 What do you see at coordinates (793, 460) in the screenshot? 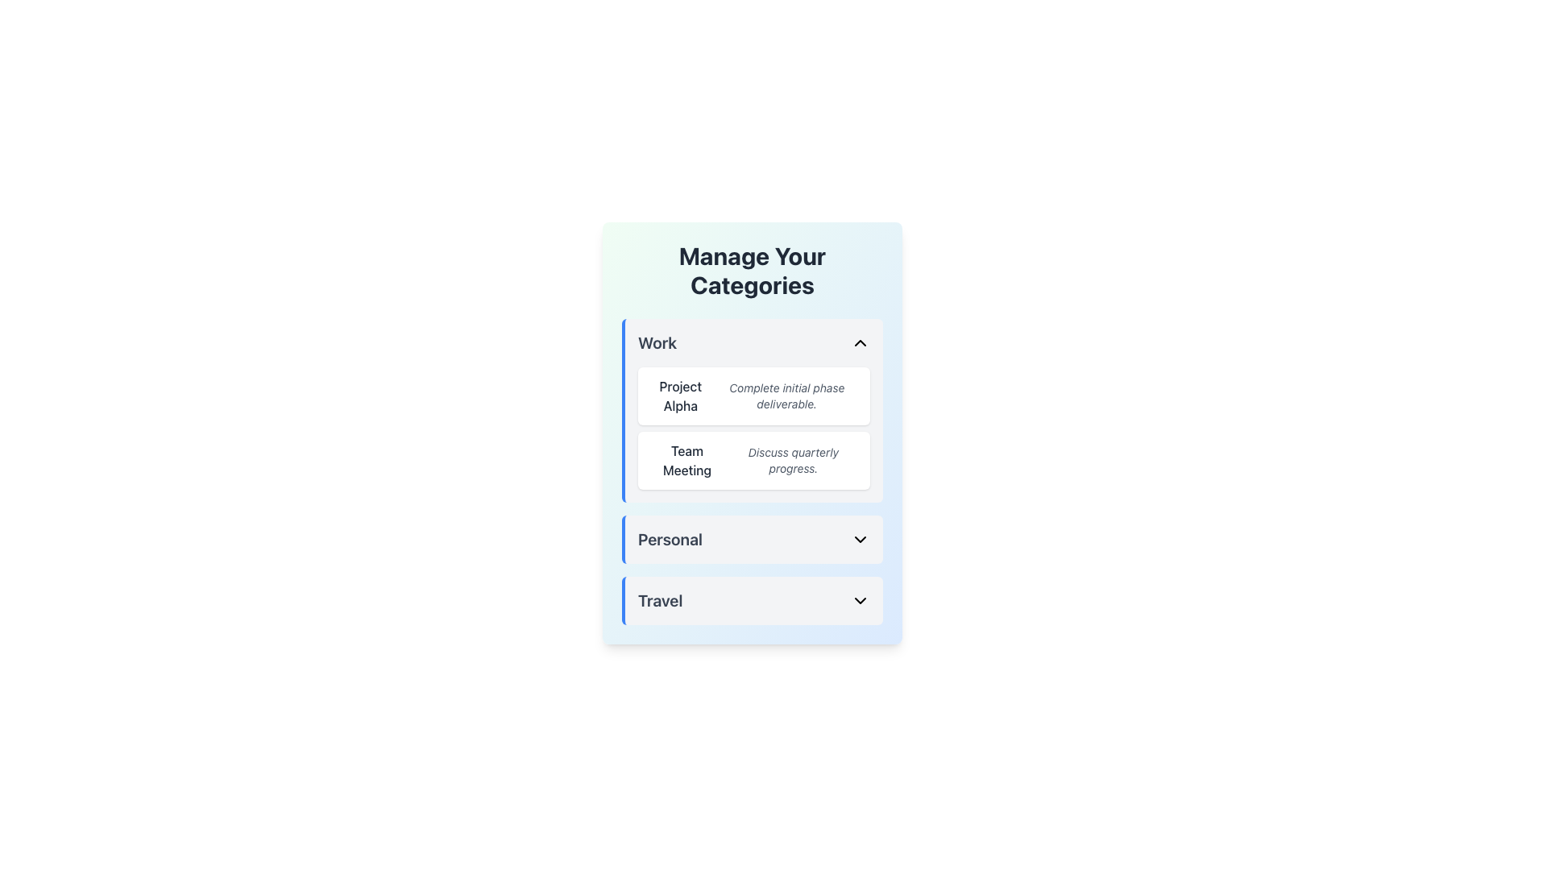
I see `the italicized gray text label that reads 'Discuss quarterly progress.' located in the 'Team Meeting' section under the 'Work' category, positioned to the right of the 'Team Meeting' title` at bounding box center [793, 460].